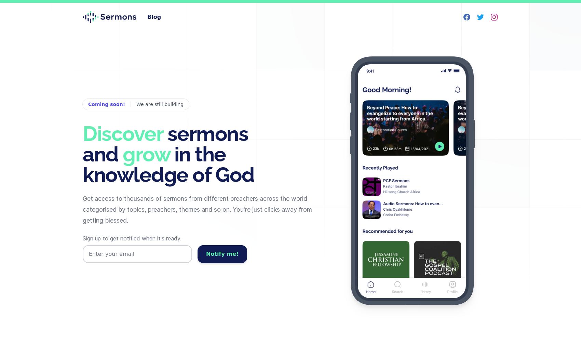 This screenshot has width=581, height=342. Describe the element at coordinates (106, 104) in the screenshot. I see `'Coming soon!'` at that location.